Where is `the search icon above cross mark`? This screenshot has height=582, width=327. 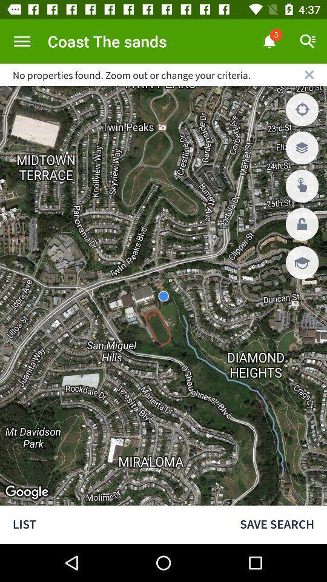
the search icon above cross mark is located at coordinates (308, 41).